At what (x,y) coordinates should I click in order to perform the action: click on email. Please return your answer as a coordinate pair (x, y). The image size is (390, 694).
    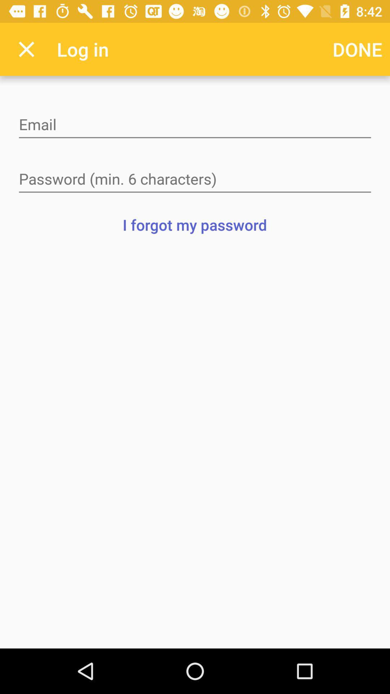
    Looking at the image, I should click on (195, 125).